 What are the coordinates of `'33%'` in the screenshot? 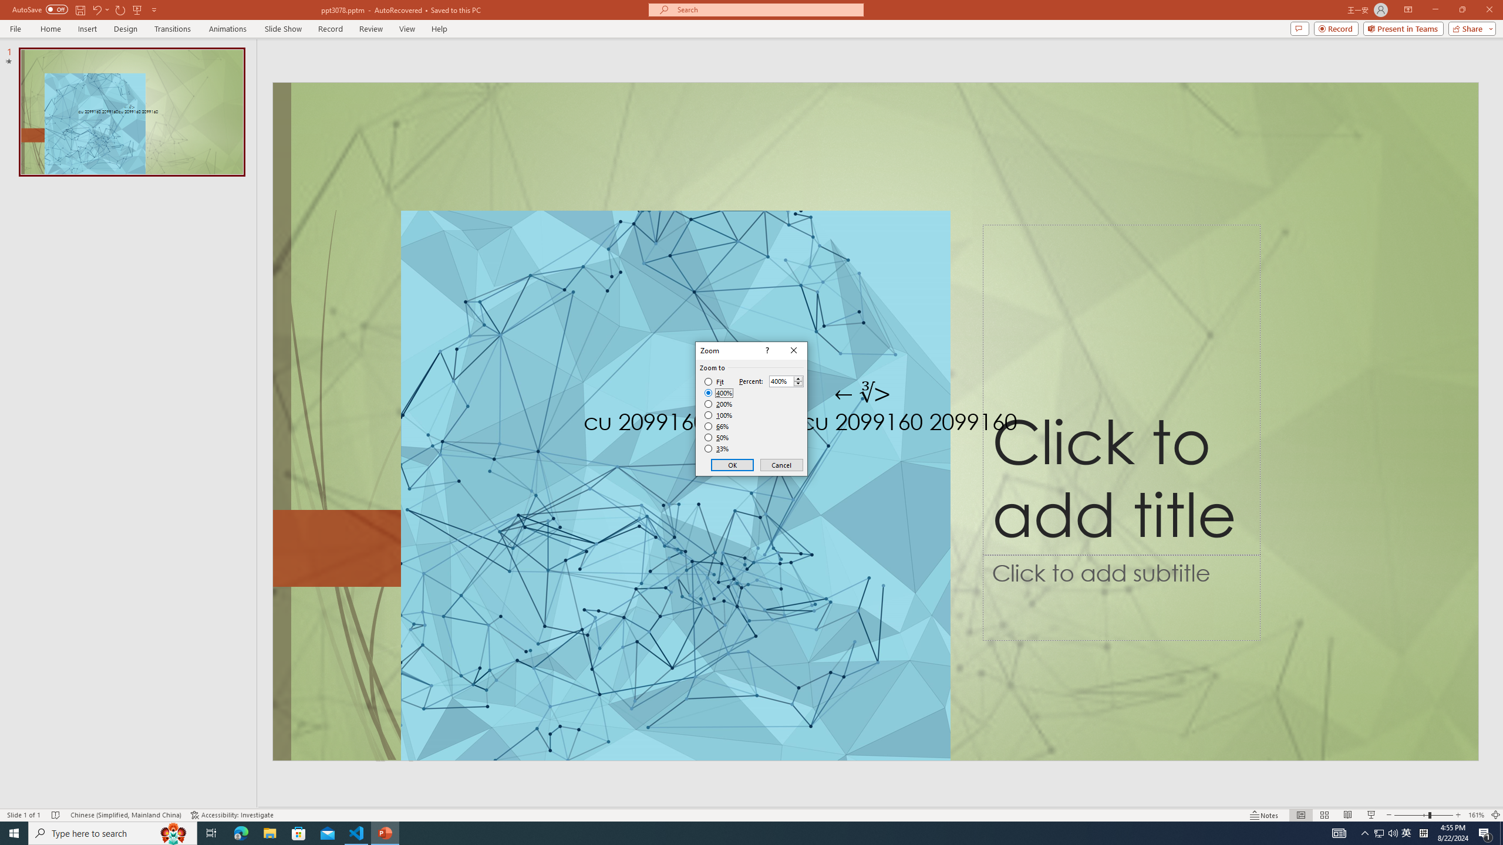 It's located at (717, 449).